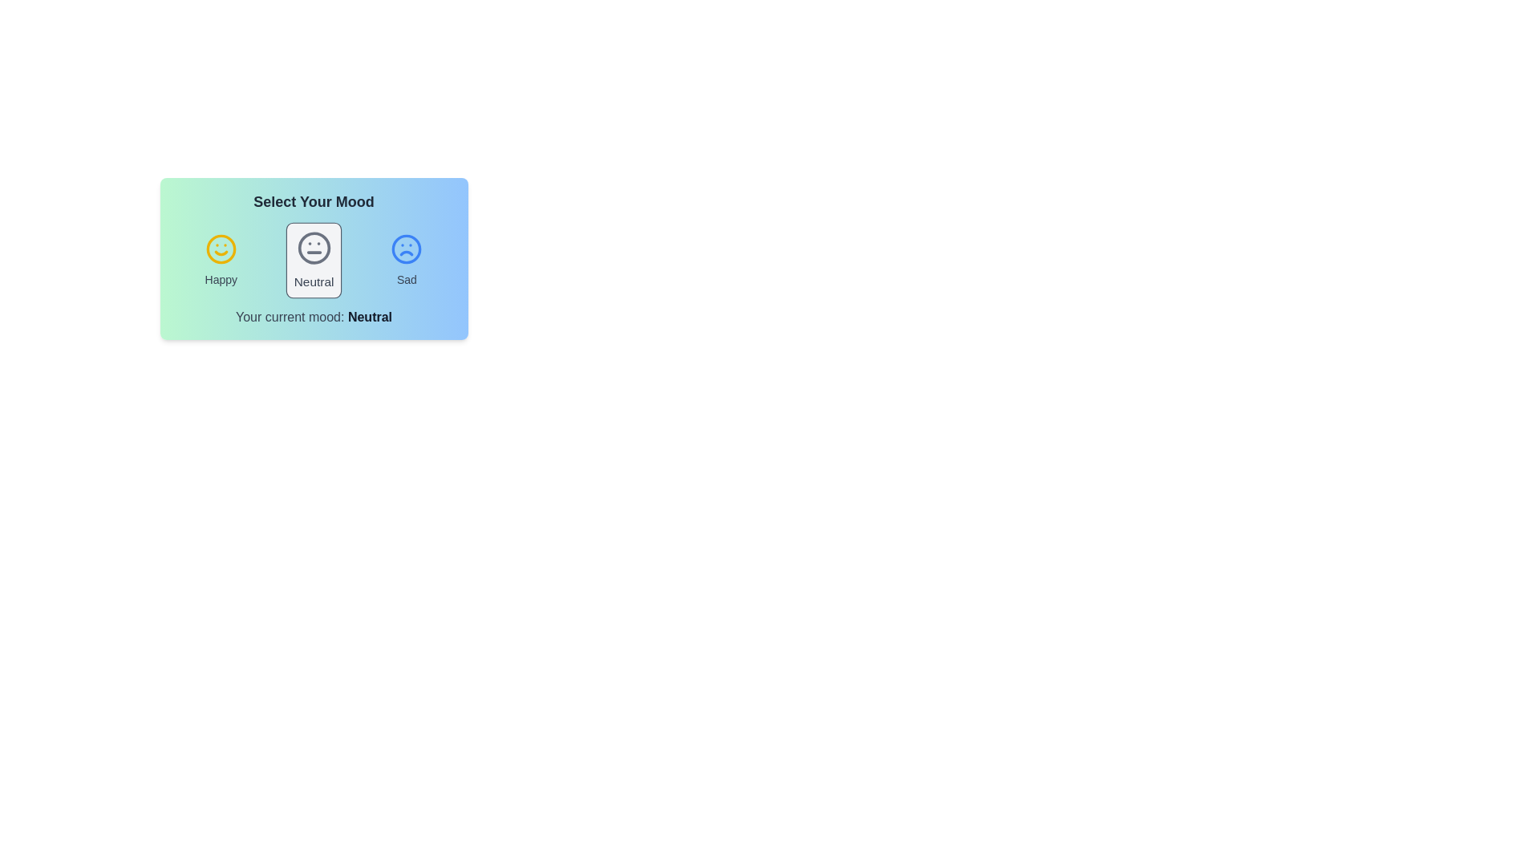 The height and width of the screenshot is (866, 1540). Describe the element at coordinates (407, 278) in the screenshot. I see `the text 'Sad' in the component` at that location.